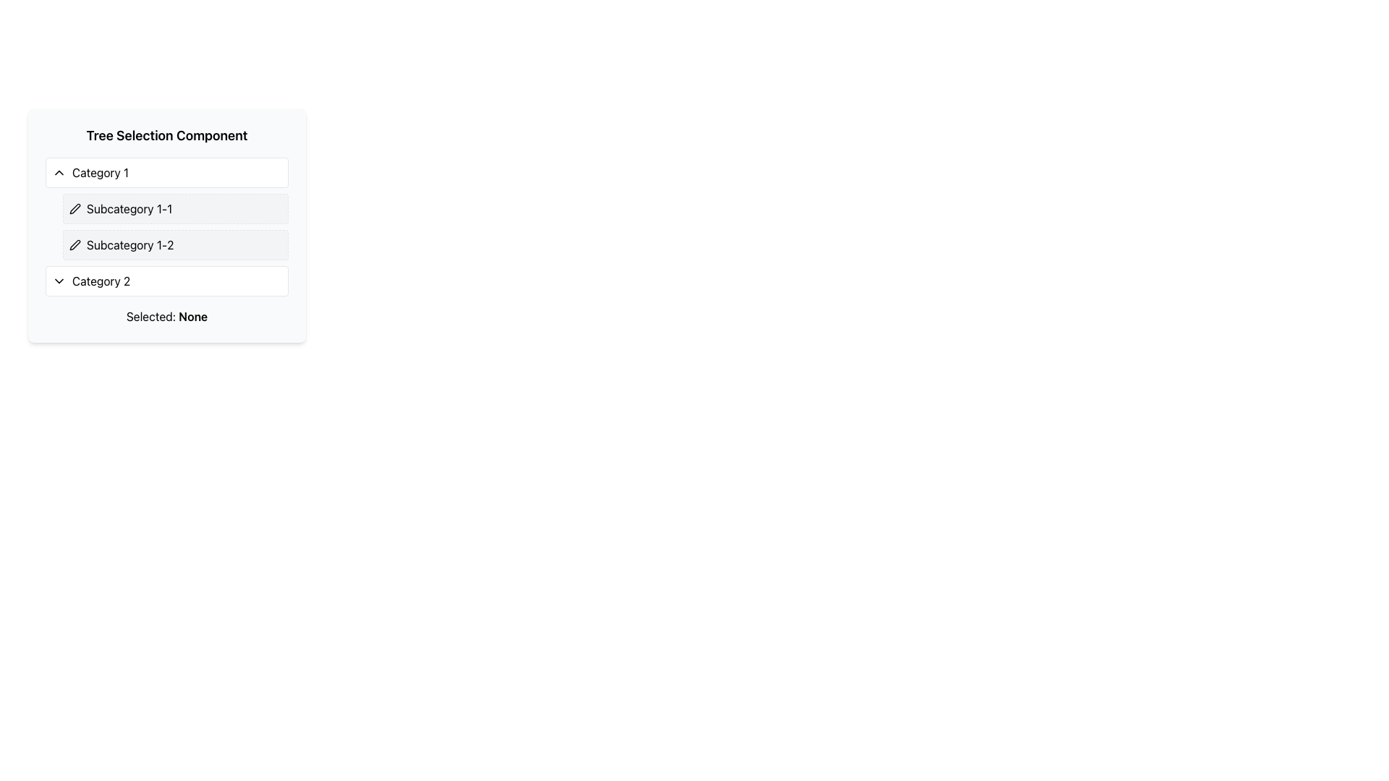 The image size is (1389, 781). What do you see at coordinates (175, 209) in the screenshot?
I see `the subcategory item labeled 'Subcategory 1-1' which is the first item under 'Category 1'` at bounding box center [175, 209].